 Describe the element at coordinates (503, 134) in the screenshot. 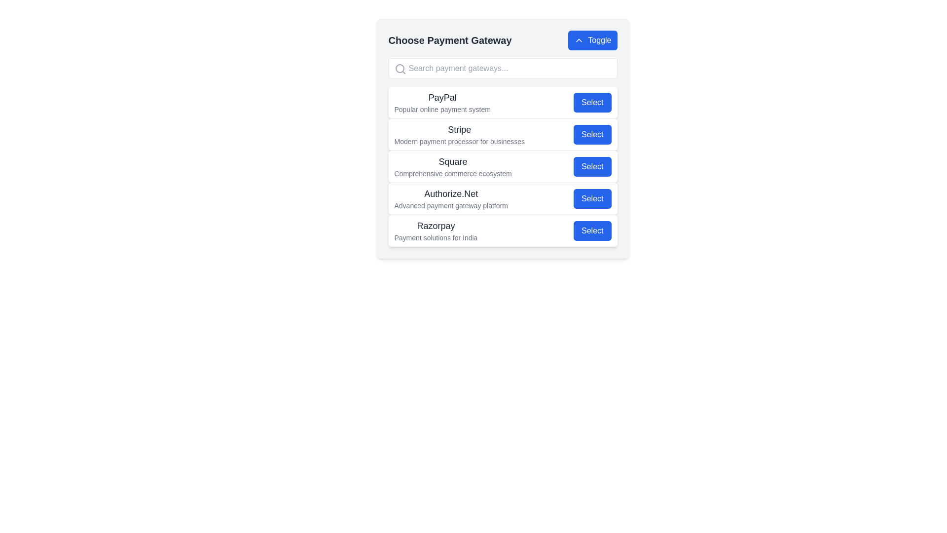

I see `the 'Select' button of the second payment gateway option, which is the 'Stripe' element containing a title and subtitle, to read the description of its features` at that location.